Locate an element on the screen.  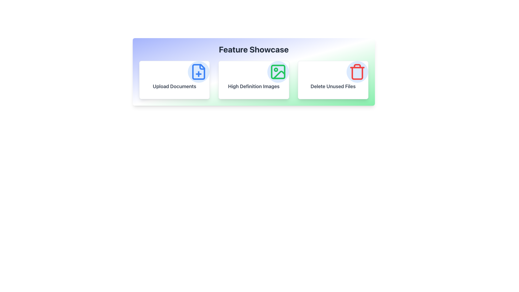
the upload icon located in the top-right corner of the 'Upload Documents' card, which has a rounded white background is located at coordinates (198, 72).